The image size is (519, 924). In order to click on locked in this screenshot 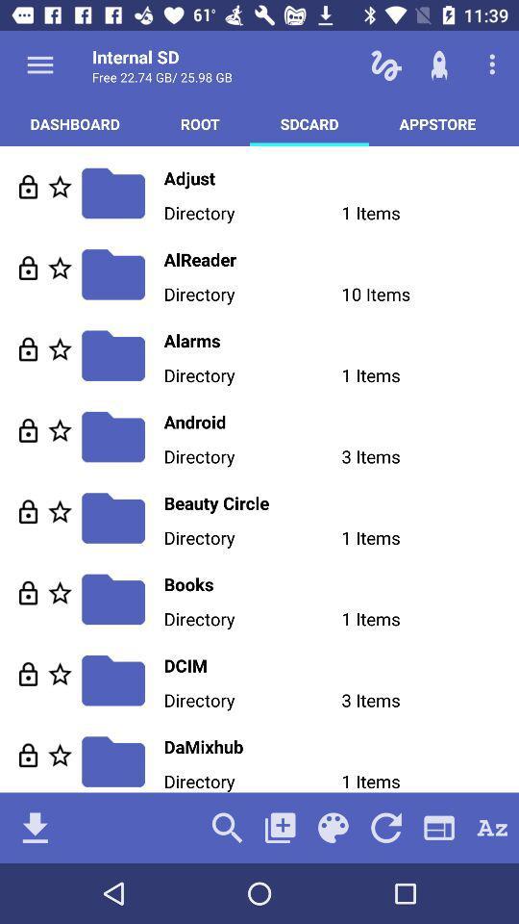, I will do `click(27, 510)`.